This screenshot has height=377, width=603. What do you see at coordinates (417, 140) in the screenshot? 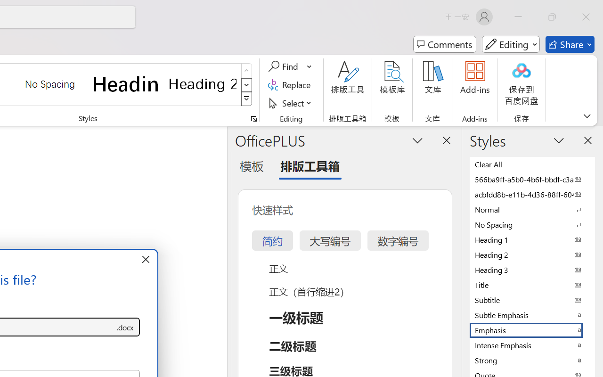
I see `'Task Pane Options'` at bounding box center [417, 140].